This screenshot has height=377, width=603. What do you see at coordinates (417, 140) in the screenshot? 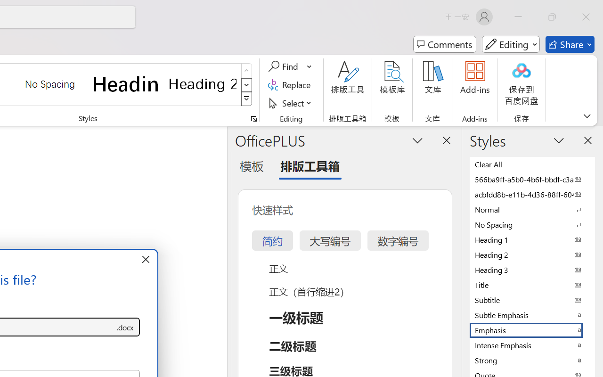
I see `'Task Pane Options'` at bounding box center [417, 140].